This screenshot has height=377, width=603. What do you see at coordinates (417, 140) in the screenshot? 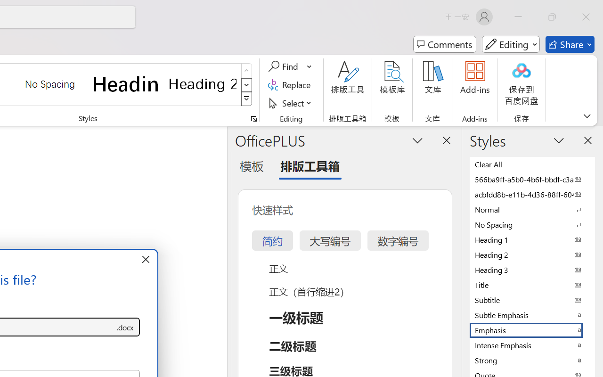
I see `'Task Pane Options'` at bounding box center [417, 140].